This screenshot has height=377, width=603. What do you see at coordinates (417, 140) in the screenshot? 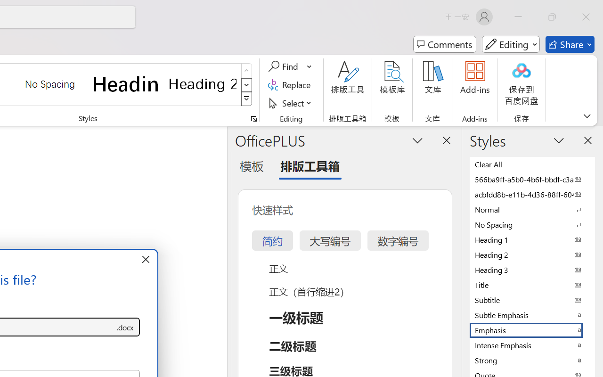
I see `'Task Pane Options'` at bounding box center [417, 140].